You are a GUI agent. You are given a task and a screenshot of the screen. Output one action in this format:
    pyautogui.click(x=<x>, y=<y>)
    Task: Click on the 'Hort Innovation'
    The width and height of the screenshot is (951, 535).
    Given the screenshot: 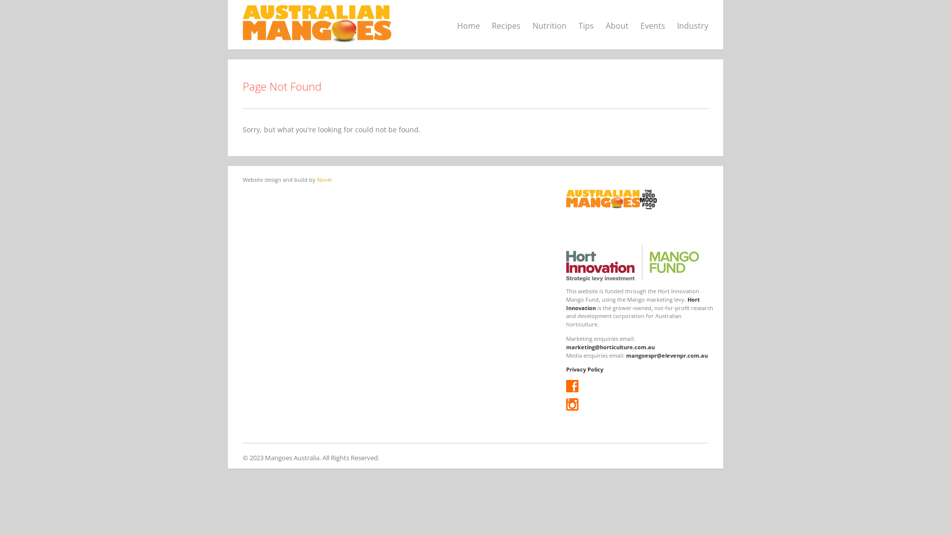 What is the action you would take?
    pyautogui.click(x=632, y=303)
    